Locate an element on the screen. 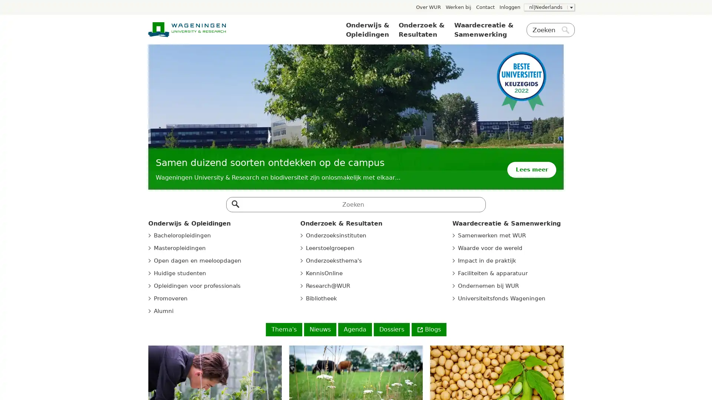 The height and width of the screenshot is (400, 712). Zoek is located at coordinates (565, 31).